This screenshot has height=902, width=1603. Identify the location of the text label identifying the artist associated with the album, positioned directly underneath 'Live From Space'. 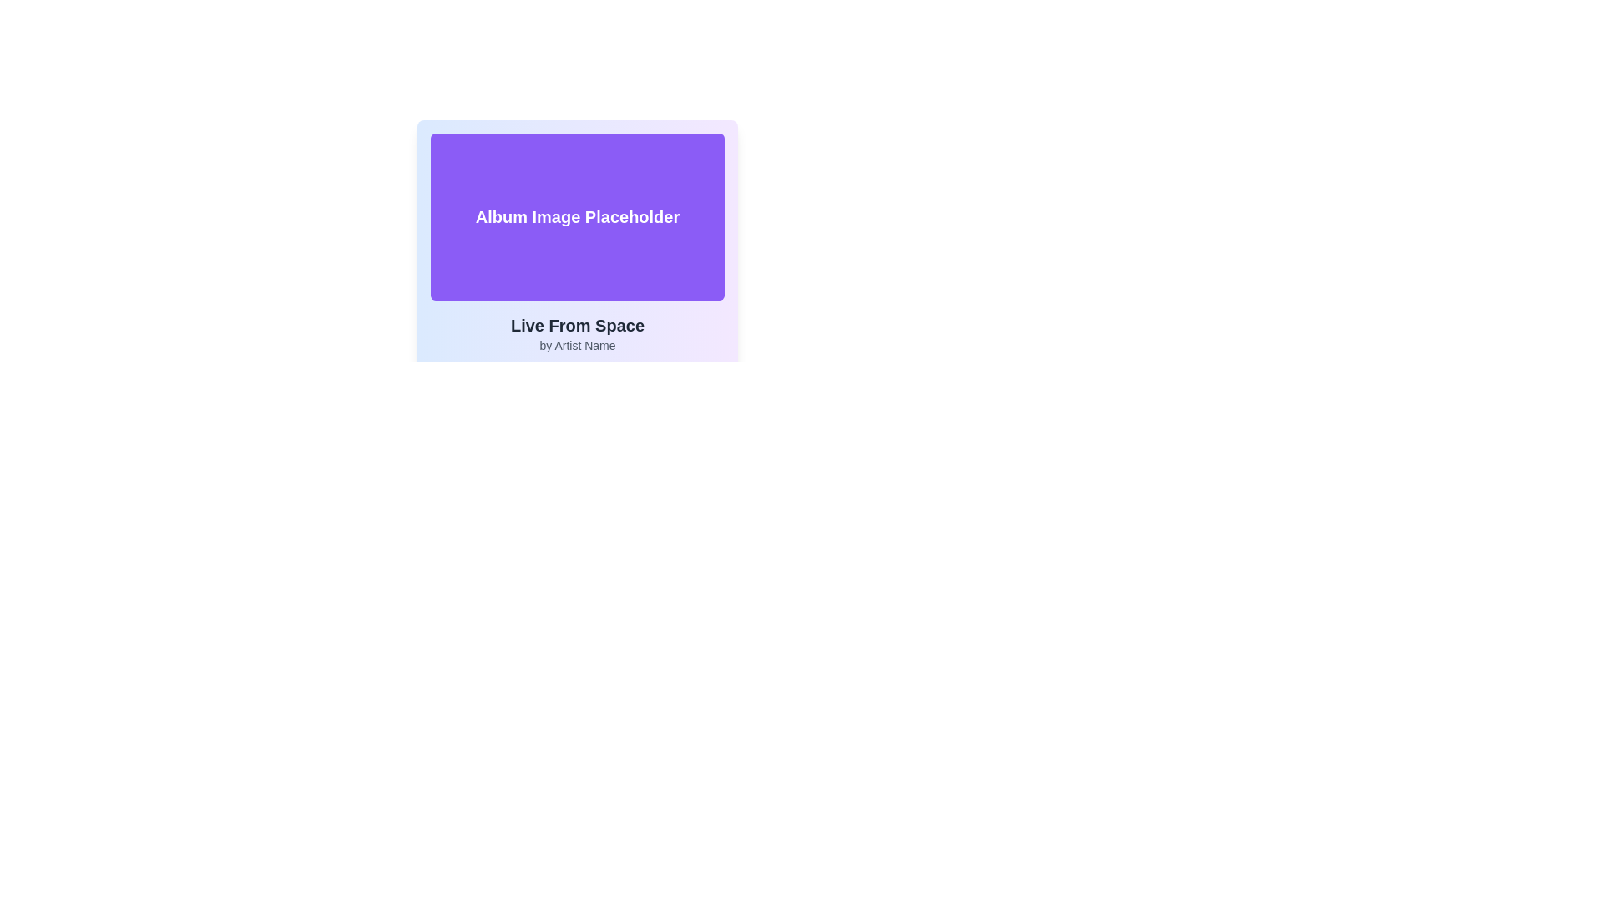
(577, 344).